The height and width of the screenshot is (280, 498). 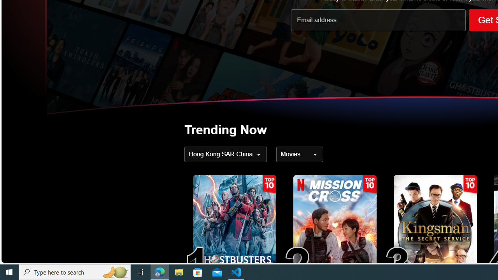 What do you see at coordinates (378, 19) in the screenshot?
I see `'Email address'` at bounding box center [378, 19].